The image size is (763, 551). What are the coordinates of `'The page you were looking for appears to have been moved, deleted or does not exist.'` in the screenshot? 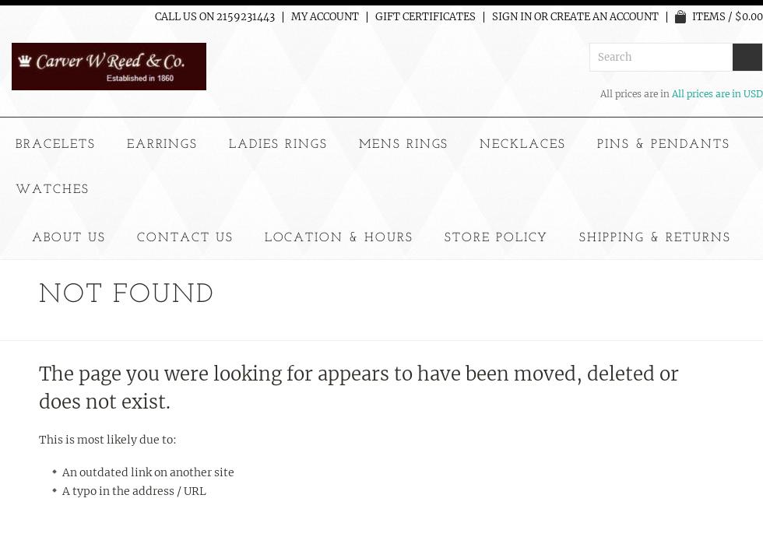 It's located at (358, 387).